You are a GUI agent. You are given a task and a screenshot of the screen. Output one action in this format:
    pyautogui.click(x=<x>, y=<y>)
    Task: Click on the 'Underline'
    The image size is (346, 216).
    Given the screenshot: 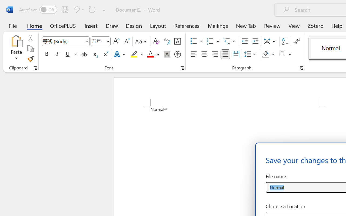 What is the action you would take?
    pyautogui.click(x=67, y=54)
    